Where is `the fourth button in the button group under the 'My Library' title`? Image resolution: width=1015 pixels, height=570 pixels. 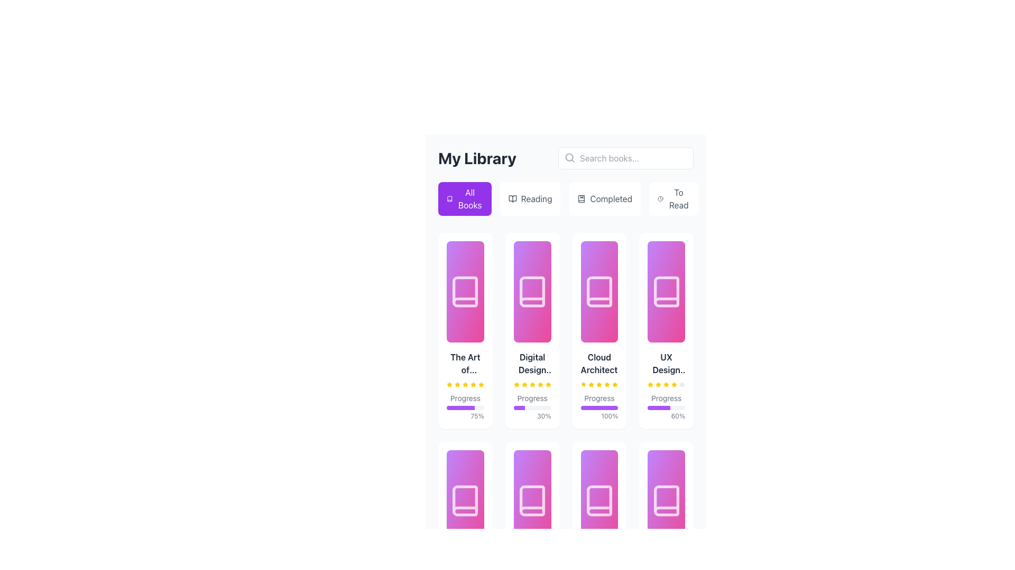 the fourth button in the button group under the 'My Library' title is located at coordinates (673, 199).